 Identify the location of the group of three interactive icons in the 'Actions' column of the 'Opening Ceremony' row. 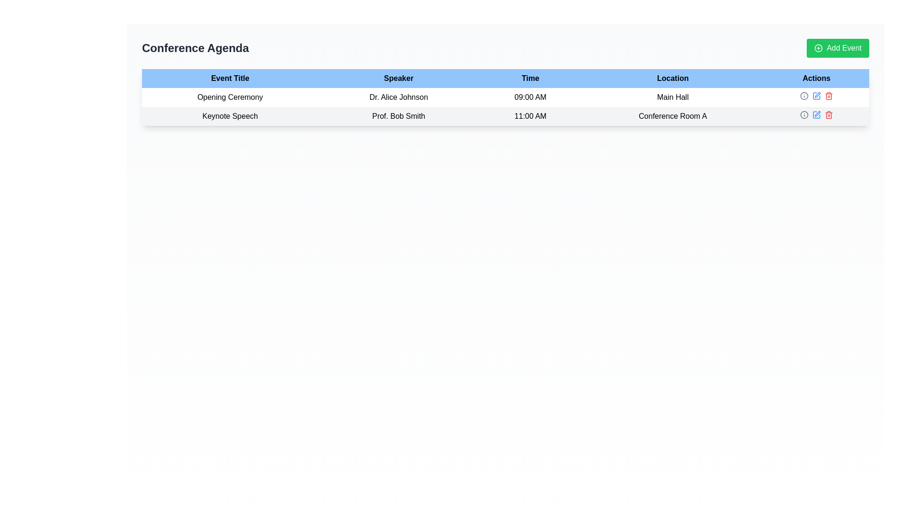
(816, 96).